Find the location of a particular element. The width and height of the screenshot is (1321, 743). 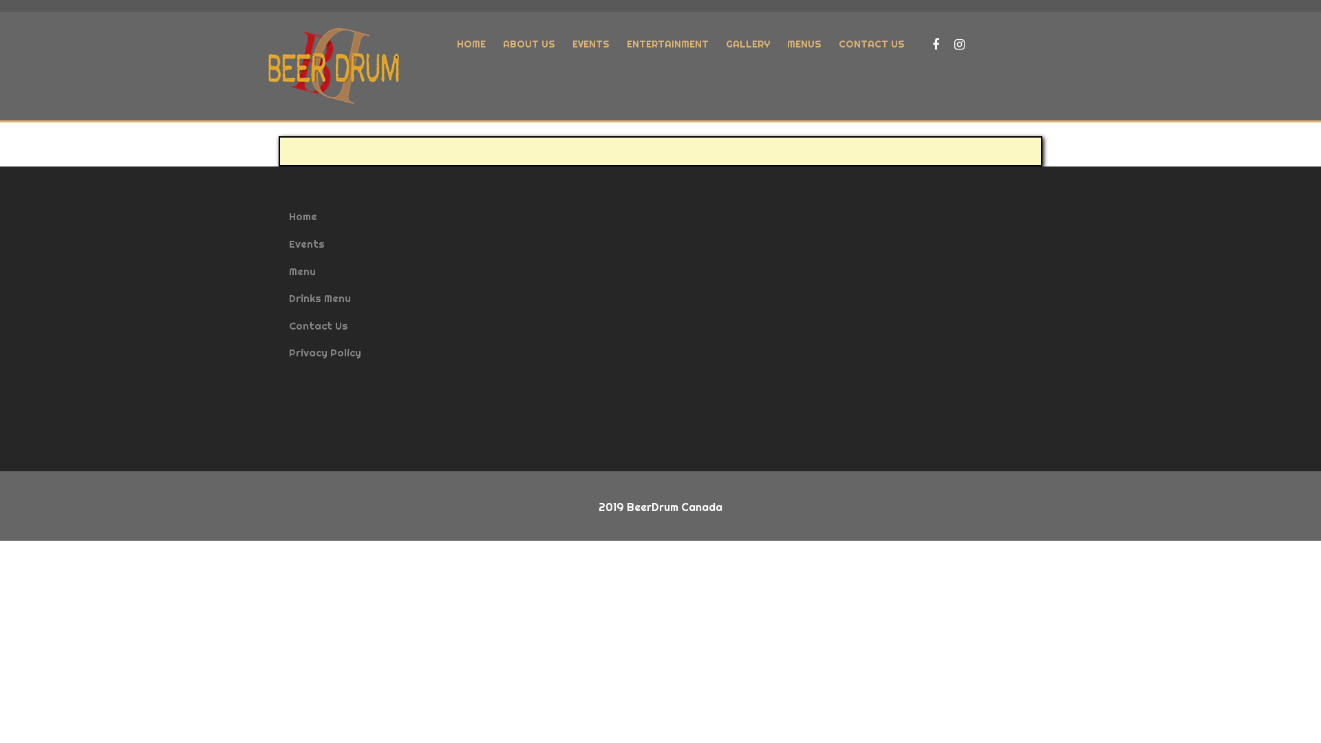

'Menu' is located at coordinates (301, 271).